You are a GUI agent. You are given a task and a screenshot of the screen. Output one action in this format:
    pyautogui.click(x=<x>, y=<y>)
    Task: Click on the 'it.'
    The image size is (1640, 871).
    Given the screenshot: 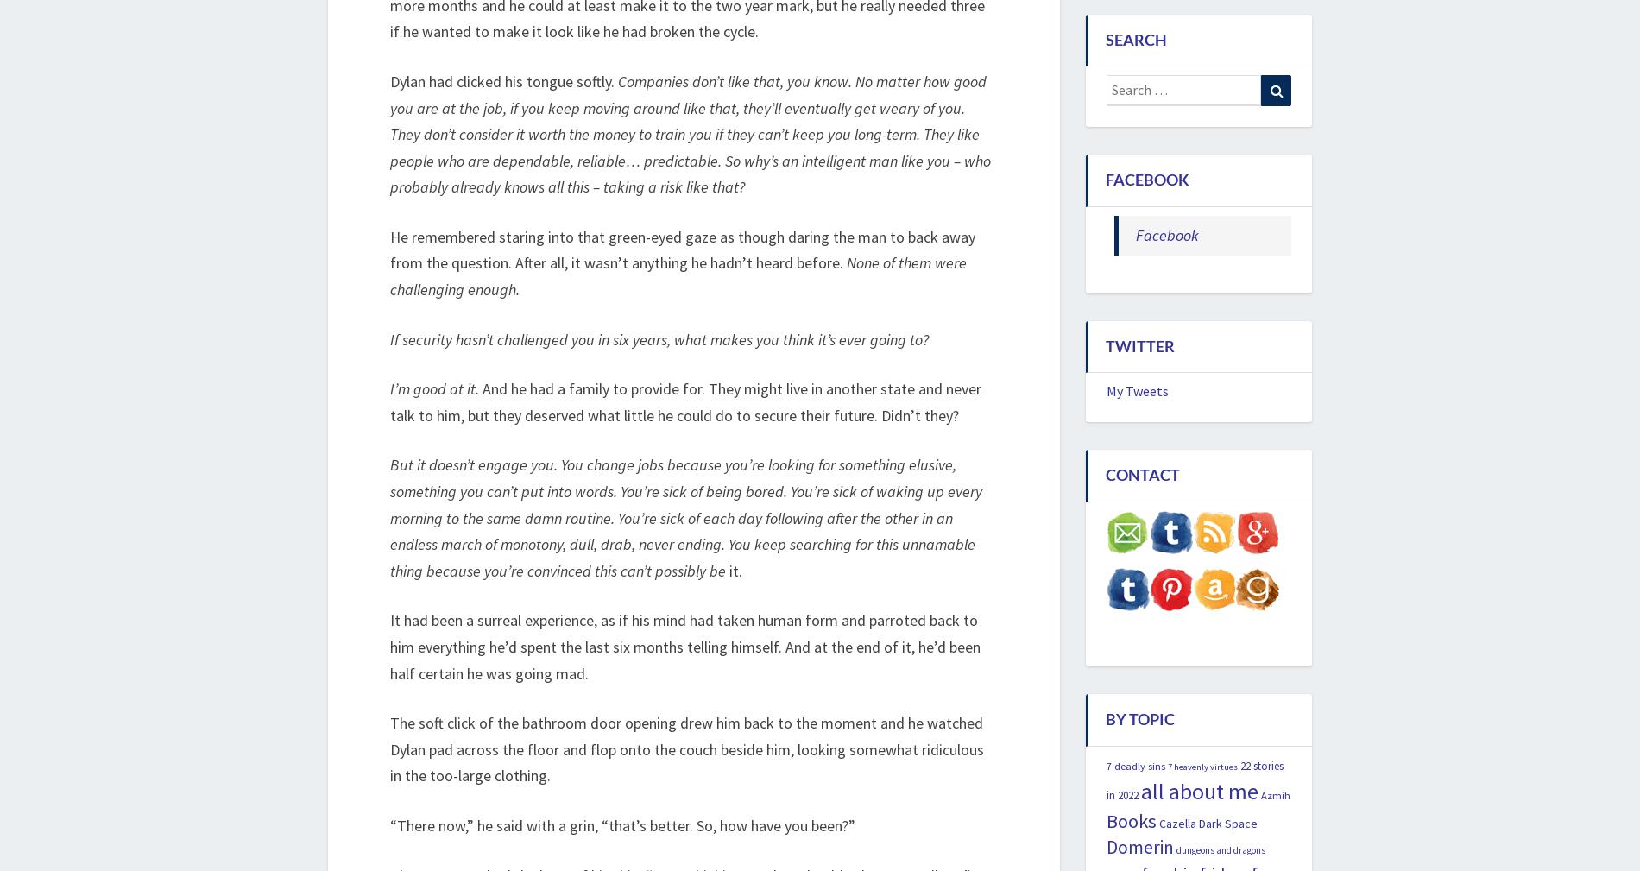 What is the action you would take?
    pyautogui.click(x=735, y=570)
    